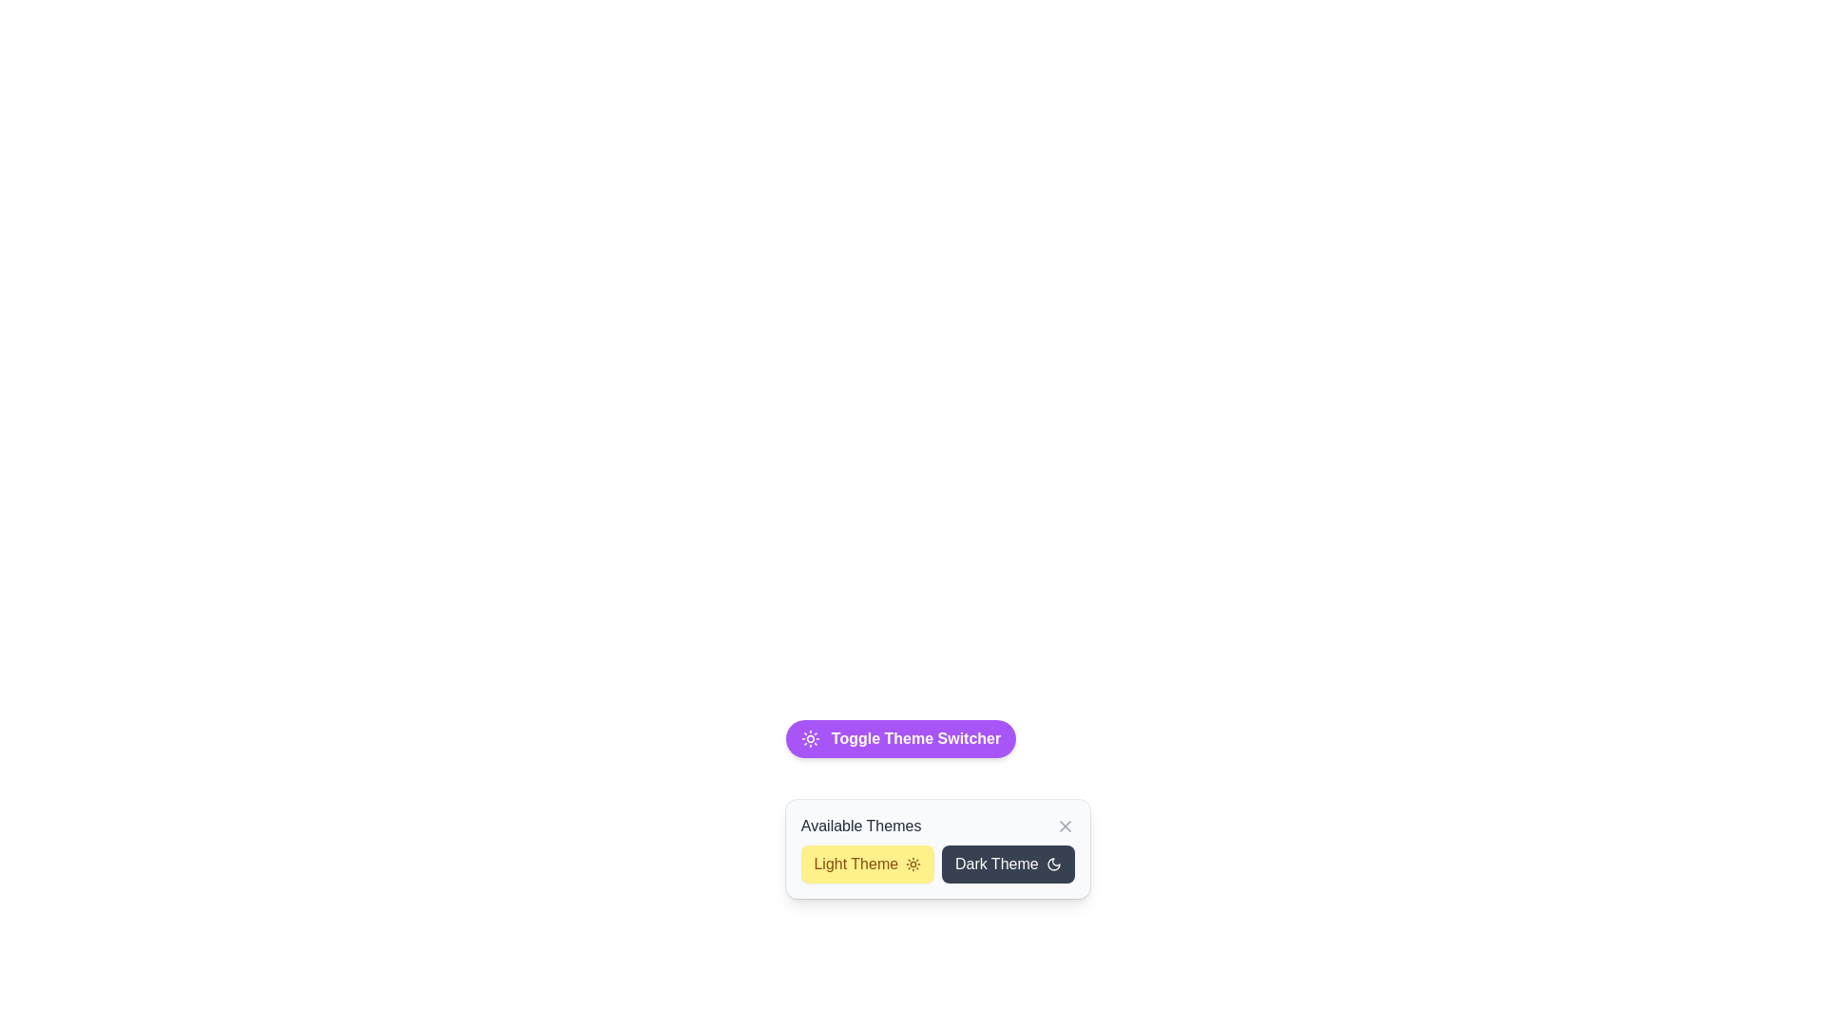 The width and height of the screenshot is (1825, 1026). Describe the element at coordinates (1052, 864) in the screenshot. I see `the icon representing the 'Dark Theme' located to the right of the 'Dark Theme' text label` at that location.